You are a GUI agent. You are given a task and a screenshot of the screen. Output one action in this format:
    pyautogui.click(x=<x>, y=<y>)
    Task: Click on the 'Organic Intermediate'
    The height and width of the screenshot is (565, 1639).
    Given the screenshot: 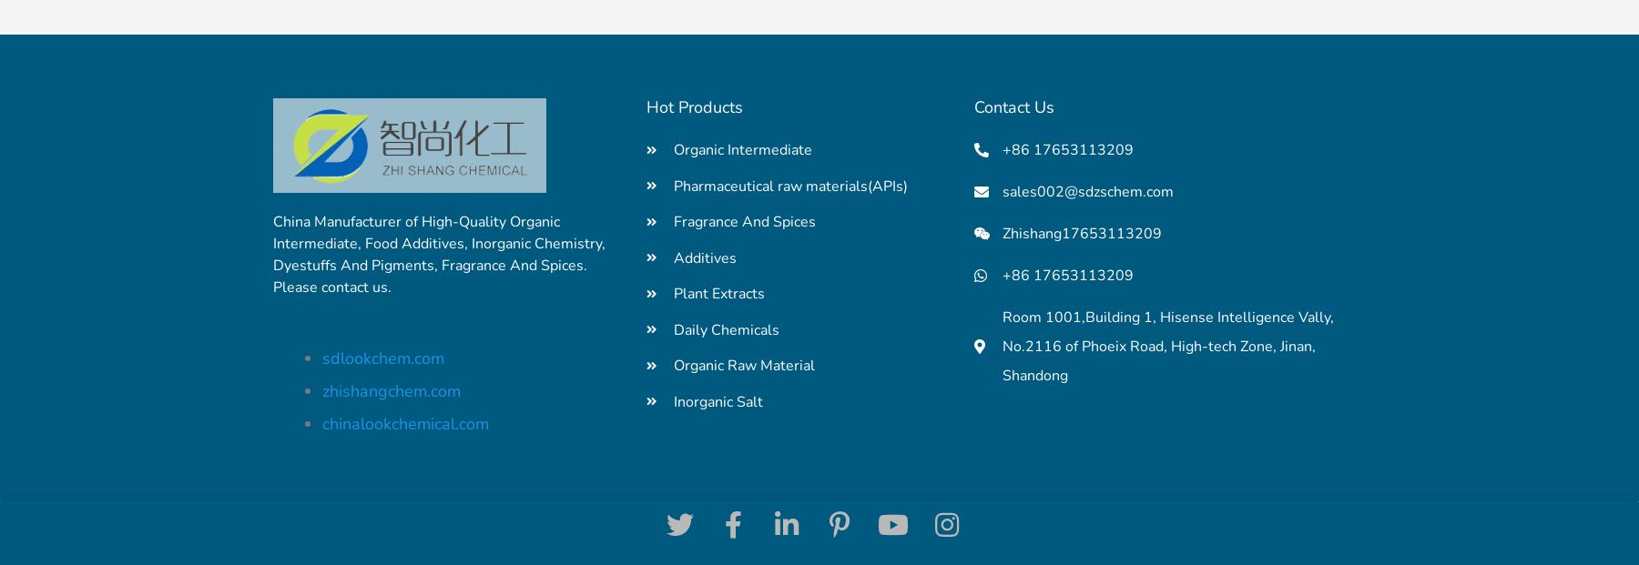 What is the action you would take?
    pyautogui.click(x=672, y=148)
    